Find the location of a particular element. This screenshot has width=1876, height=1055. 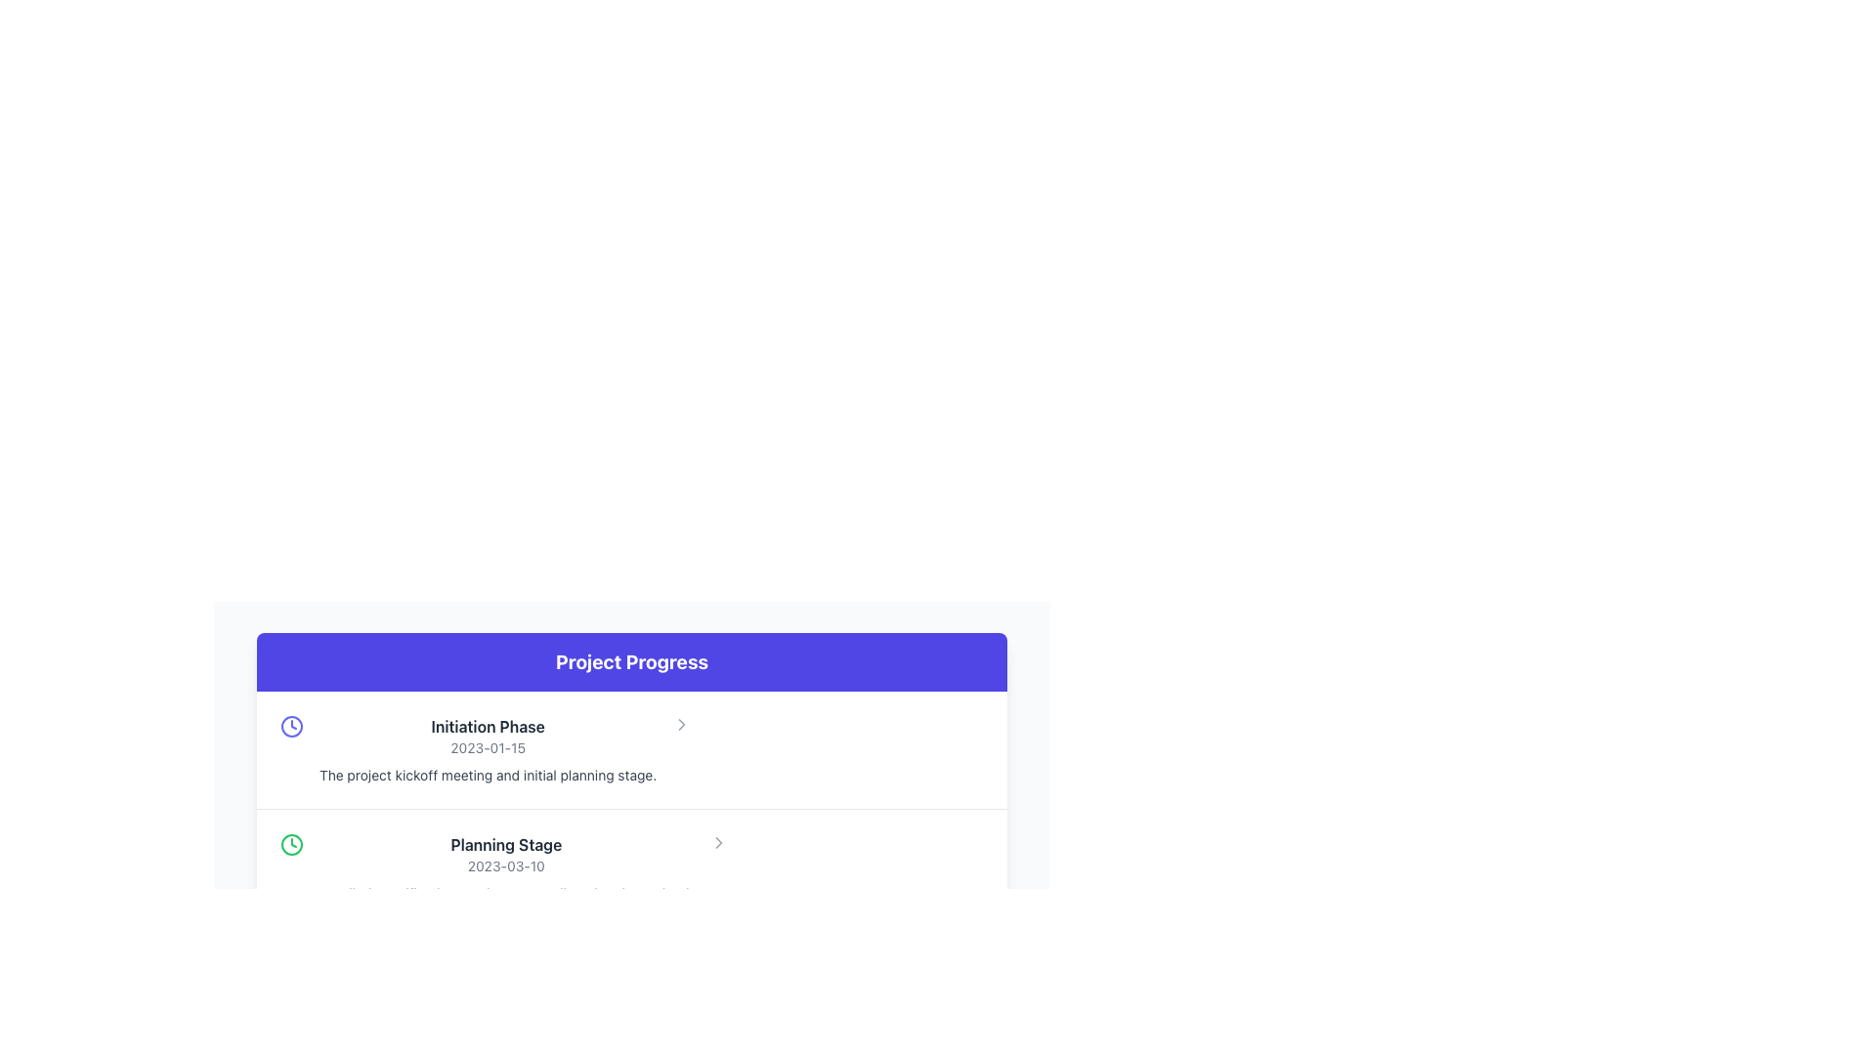

the text element containing 'The project kickoff meeting and initial planning stage.' located beneath the title 'Initiation Phase' and the date '2023-01-15' is located at coordinates (488, 775).